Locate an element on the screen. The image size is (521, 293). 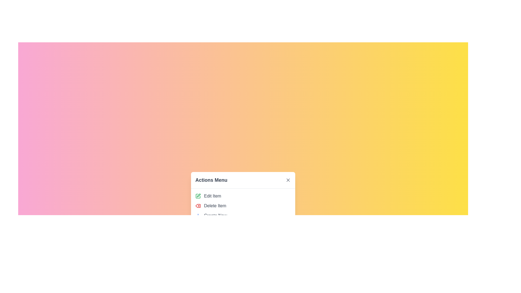
the blue plus sign SVG icon located to the left of the 'Create New' text is located at coordinates (198, 215).